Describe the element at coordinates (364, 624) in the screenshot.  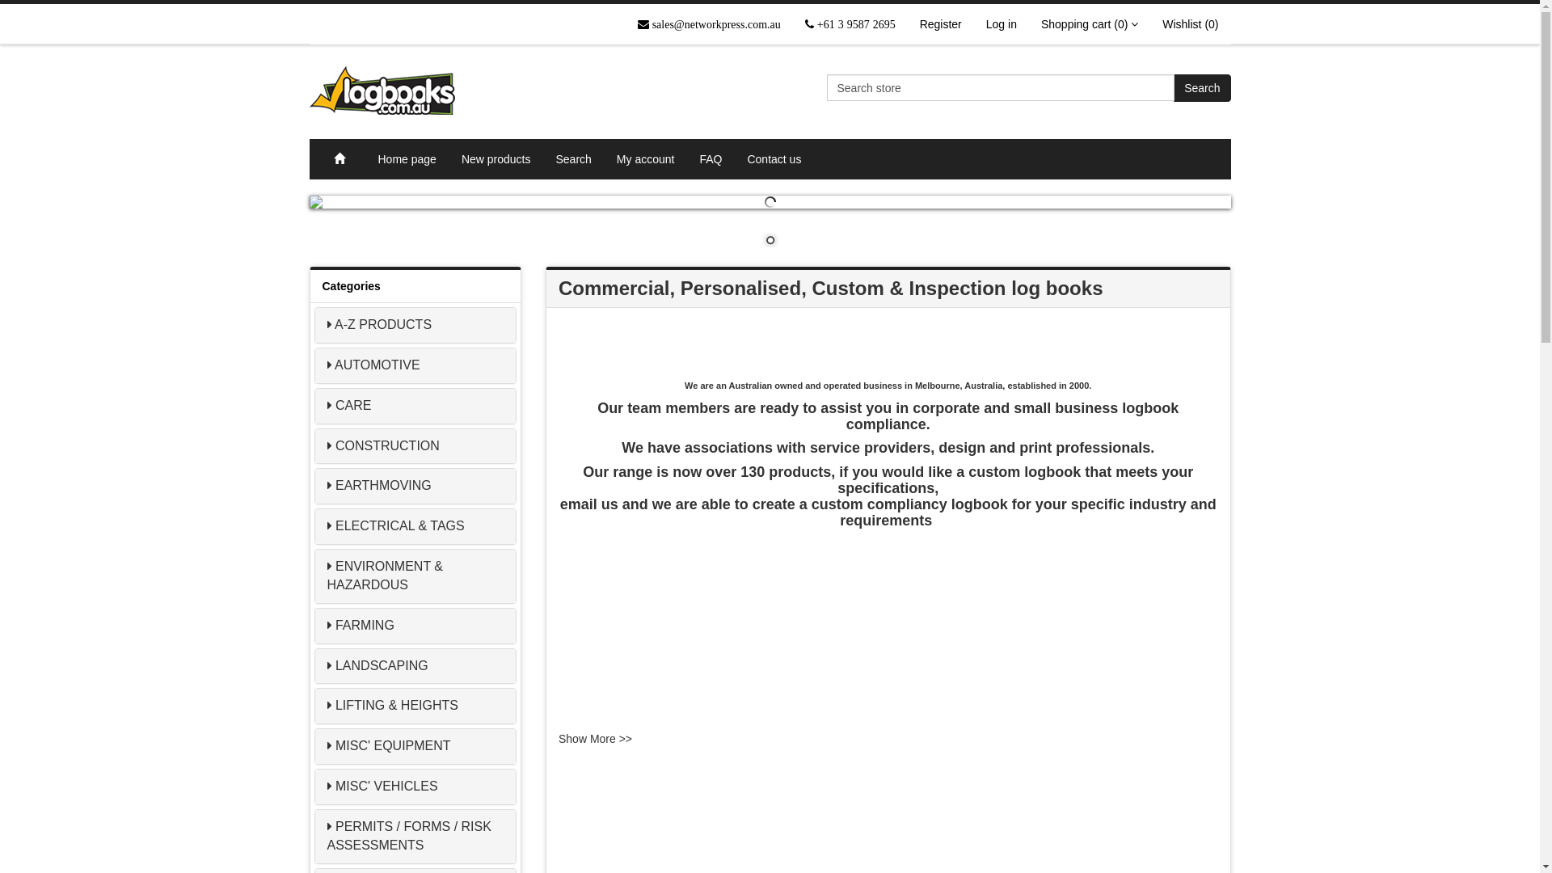
I see `'FARMING'` at that location.